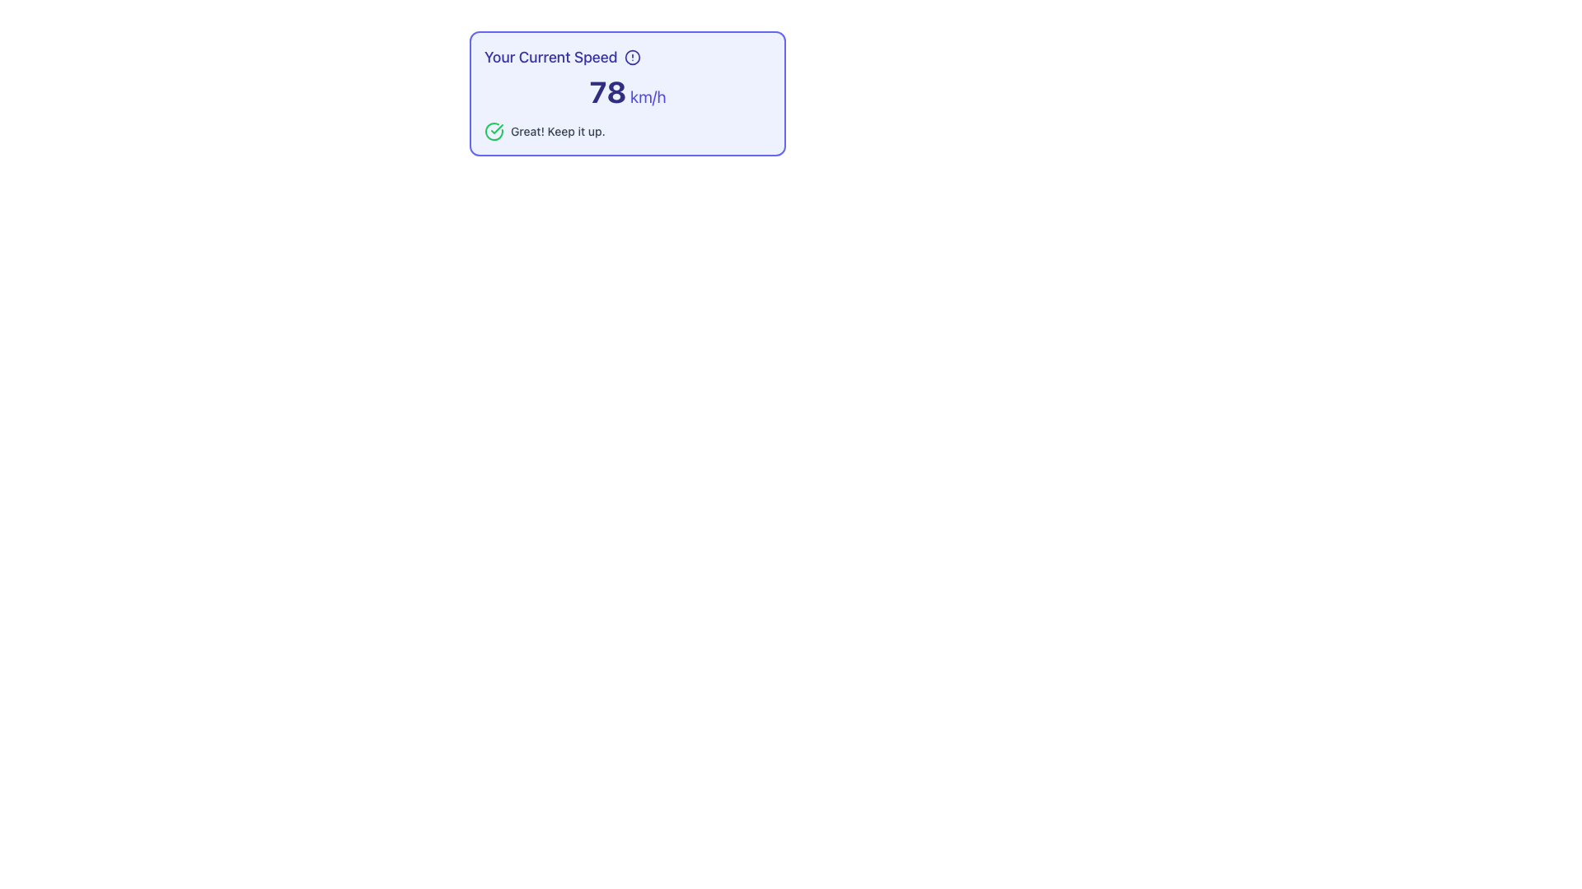 The image size is (1582, 889). I want to click on the static text label that denotes the unit of the speed value displayed, located at the bottom-right section of the card-like layout component, following the numeric value '78', so click(645, 96).